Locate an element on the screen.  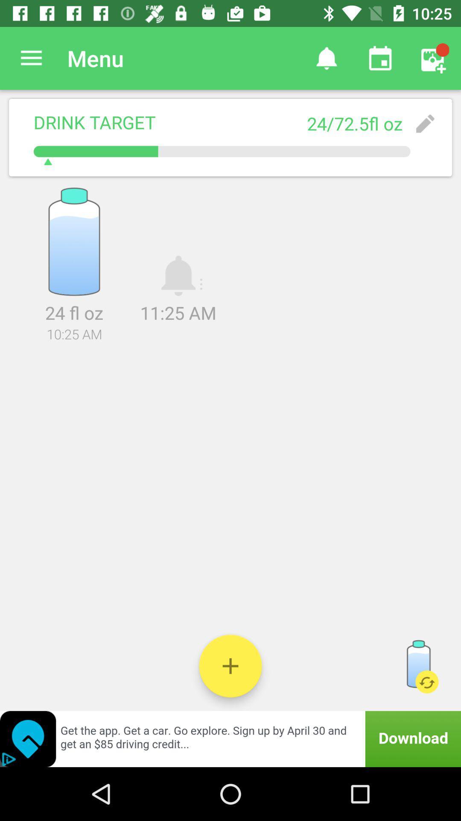
item at the bottom right corner is located at coordinates (418, 665).